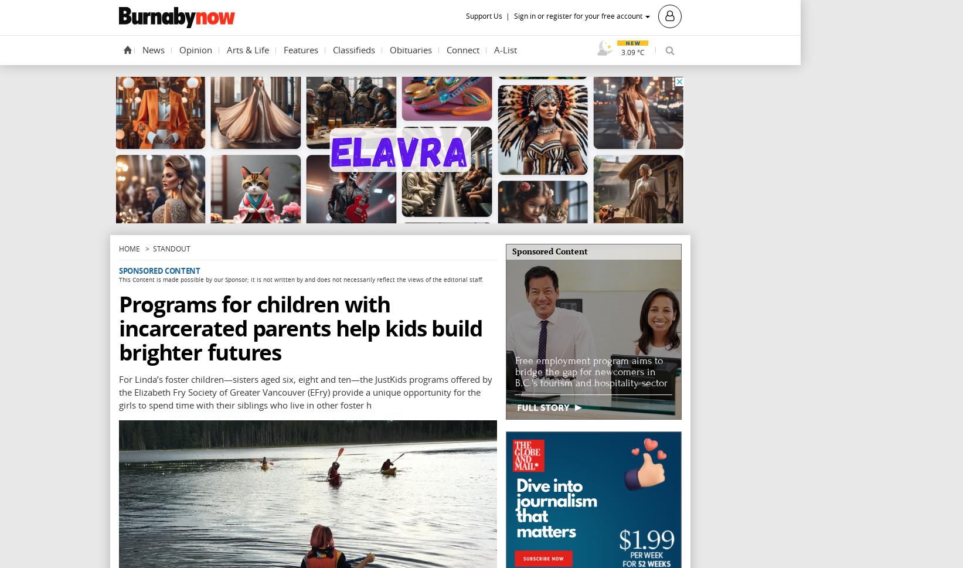  Describe the element at coordinates (171, 248) in the screenshot. I see `'StandOut'` at that location.